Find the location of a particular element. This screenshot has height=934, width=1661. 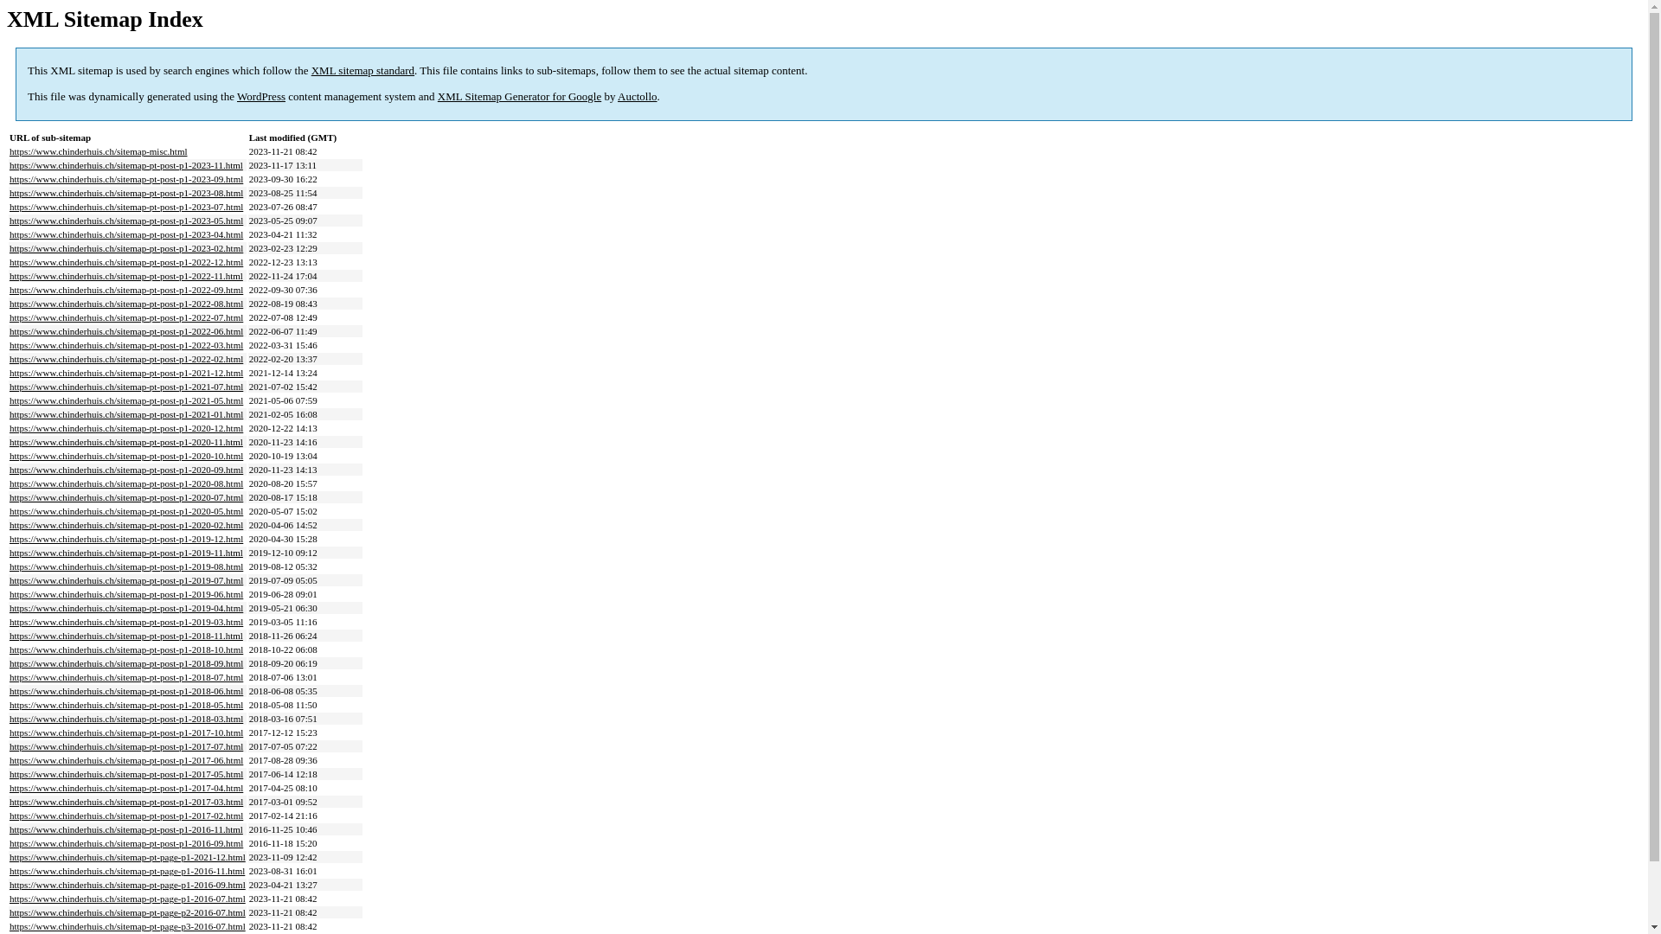

'https://www.chinderhuis.ch/sitemap-pt-page-p1-2016-09.html' is located at coordinates (126, 884).